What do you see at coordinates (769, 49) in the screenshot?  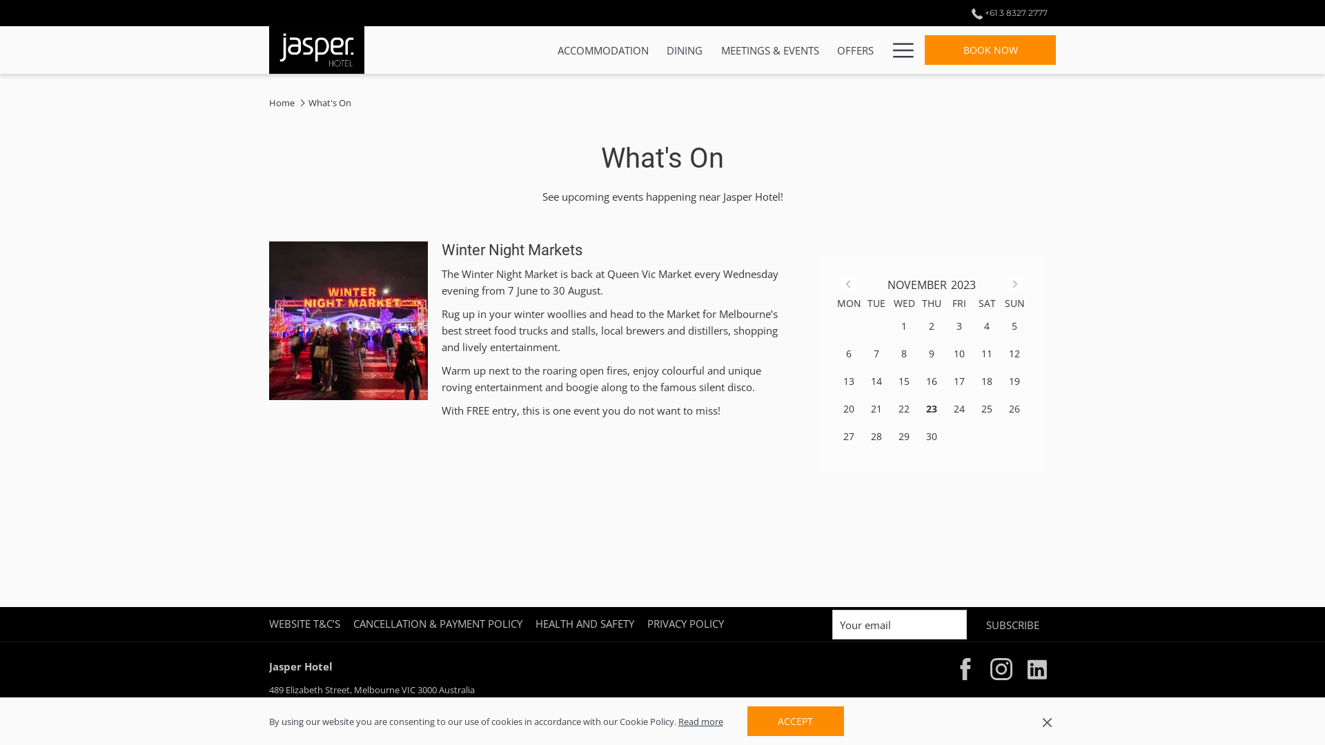 I see `'MEETINGS & EVENTS'` at bounding box center [769, 49].